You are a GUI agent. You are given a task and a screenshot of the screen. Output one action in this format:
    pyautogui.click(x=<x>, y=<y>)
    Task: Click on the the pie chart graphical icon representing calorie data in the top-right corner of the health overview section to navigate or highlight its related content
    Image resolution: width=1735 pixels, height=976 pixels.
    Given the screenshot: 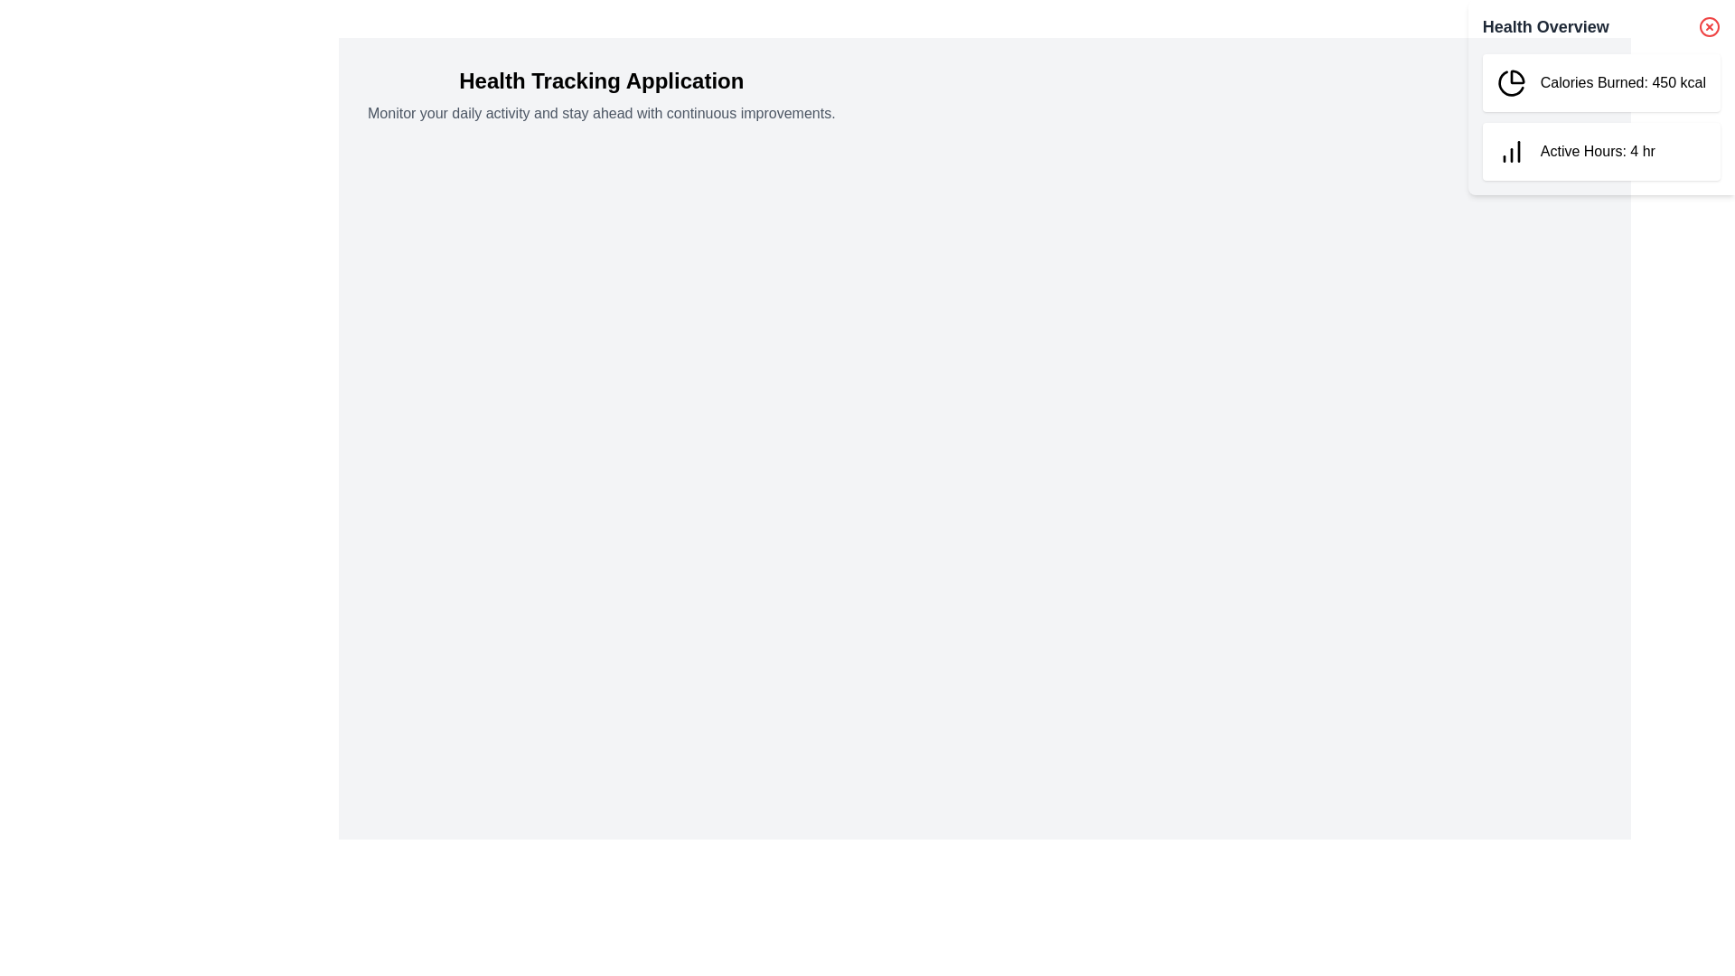 What is the action you would take?
    pyautogui.click(x=1511, y=83)
    